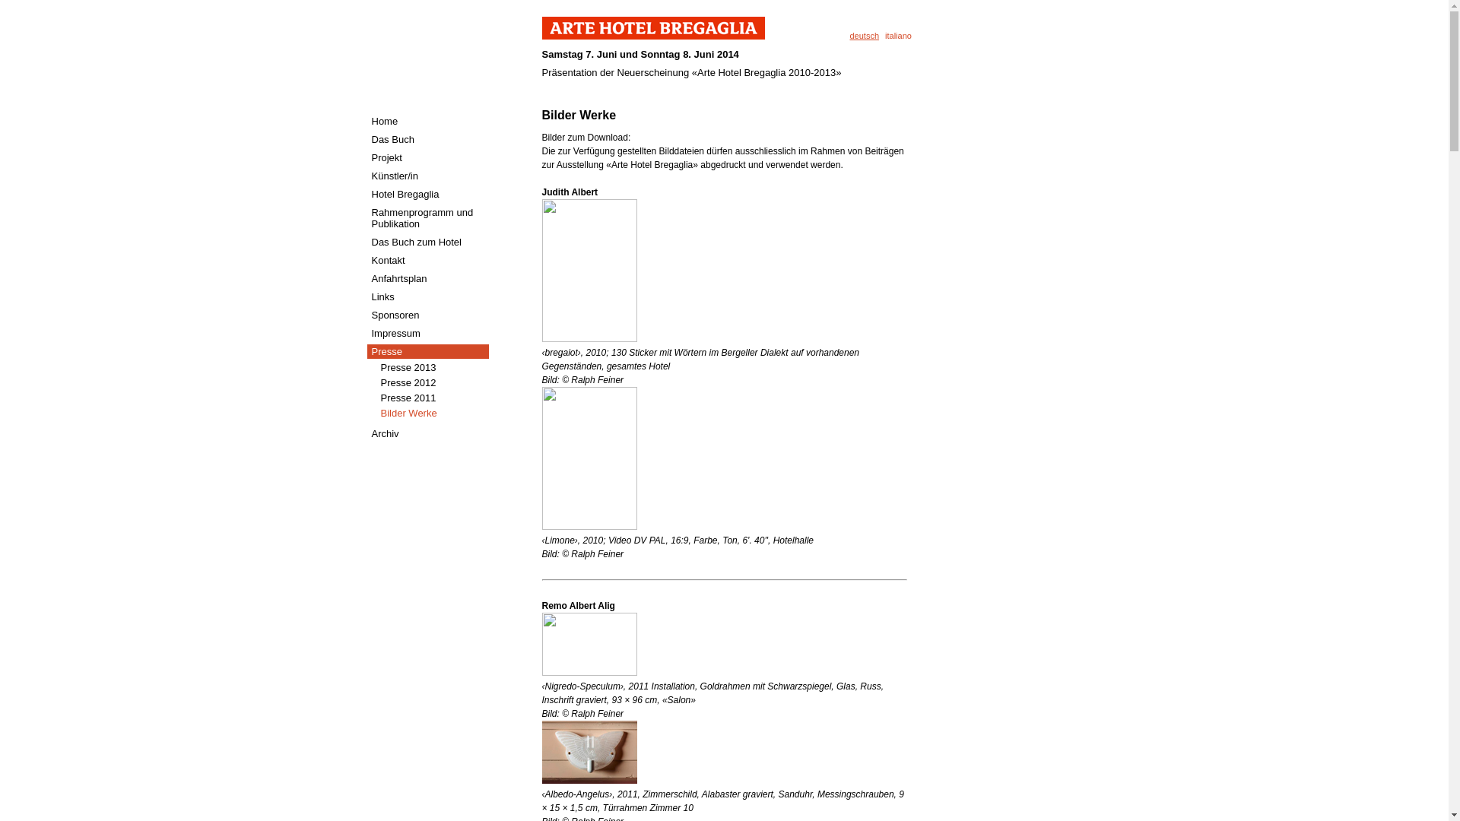  What do you see at coordinates (426, 351) in the screenshot?
I see `'Presse'` at bounding box center [426, 351].